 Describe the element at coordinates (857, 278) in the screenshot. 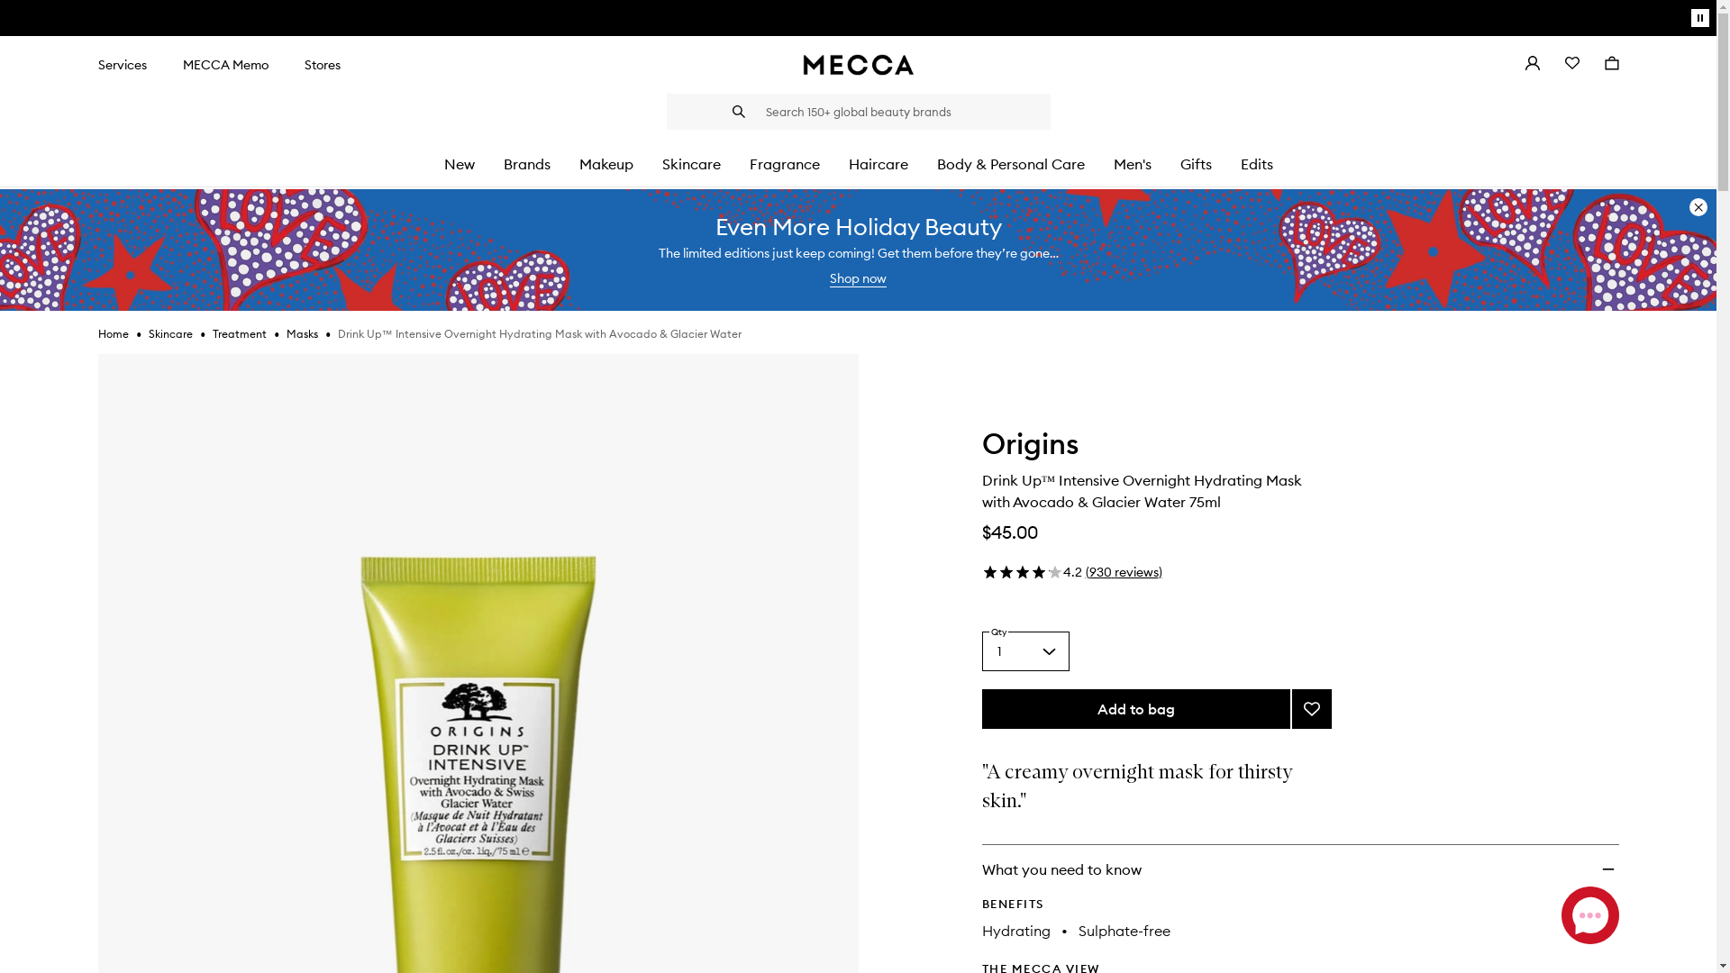

I see `'Shop now'` at that location.